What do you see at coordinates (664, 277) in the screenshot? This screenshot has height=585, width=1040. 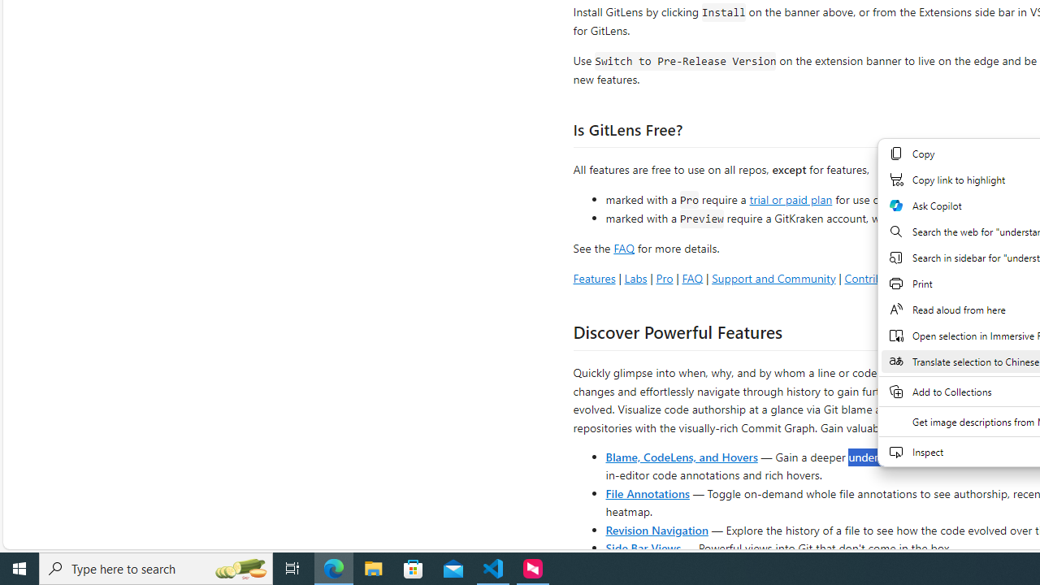 I see `'Pro'` at bounding box center [664, 277].